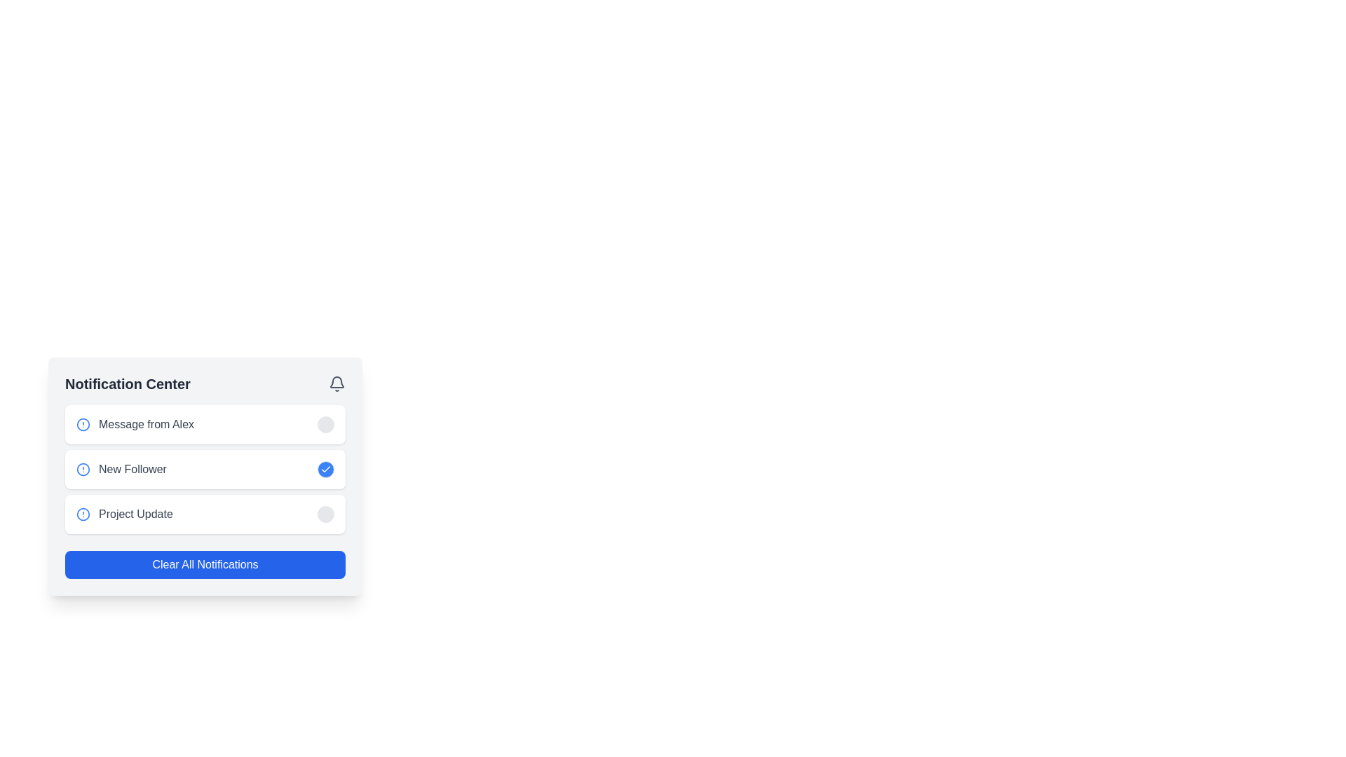 The image size is (1346, 757). What do you see at coordinates (83, 423) in the screenshot?
I see `the circular shape within the SVG icon that represents an alert or notification context, which is centrally located next to the 'Message from Alex' text in the notification center` at bounding box center [83, 423].